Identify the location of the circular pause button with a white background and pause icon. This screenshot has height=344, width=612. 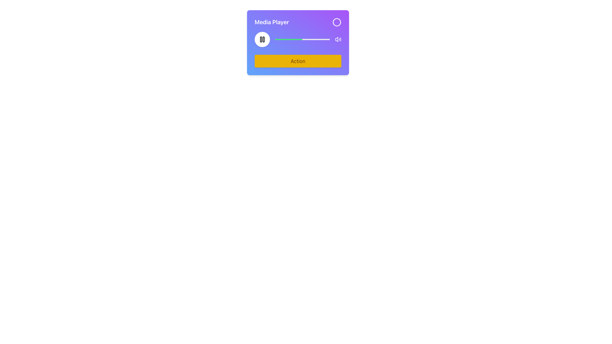
(262, 39).